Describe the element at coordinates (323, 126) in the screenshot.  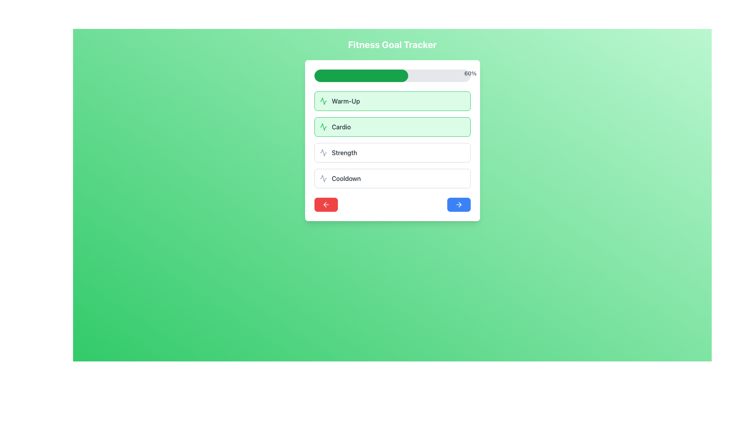
I see `the green heartbeat wave icon located to the left of the 'Cardio' label within the green-bordered box` at that location.